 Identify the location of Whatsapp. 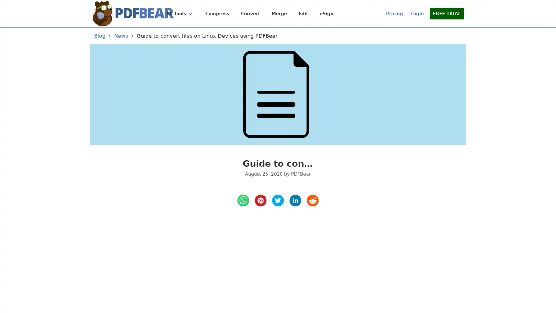
(243, 200).